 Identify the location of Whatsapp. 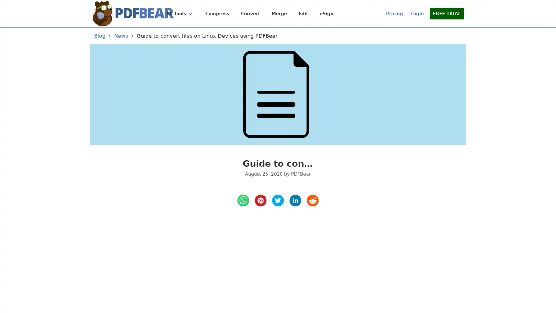
(243, 200).